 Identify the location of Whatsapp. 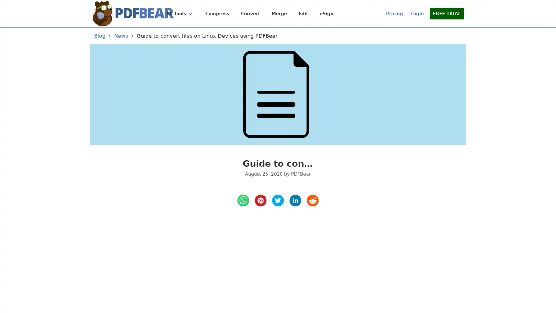
(243, 200).